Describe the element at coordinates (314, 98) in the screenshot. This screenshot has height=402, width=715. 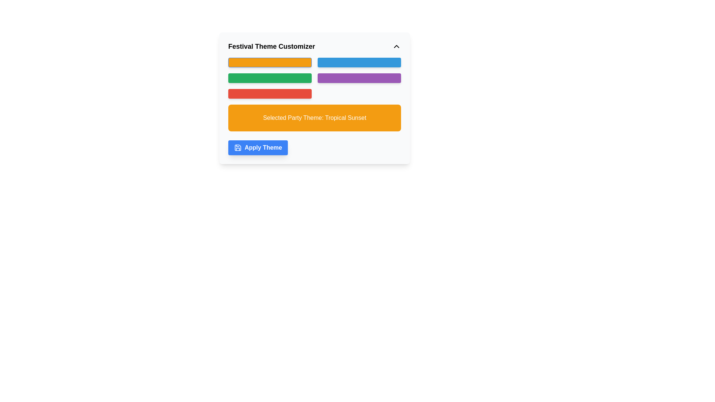
I see `the third button in the grid layout` at that location.